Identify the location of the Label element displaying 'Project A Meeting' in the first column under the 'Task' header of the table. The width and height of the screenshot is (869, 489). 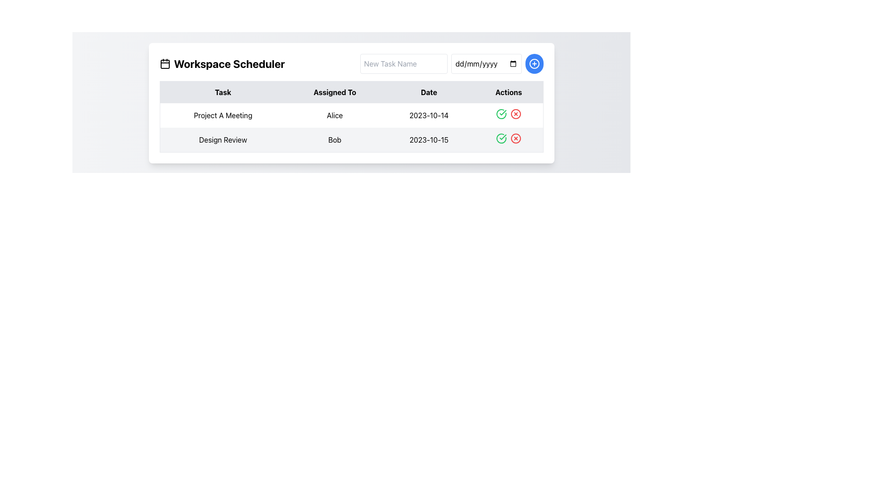
(223, 115).